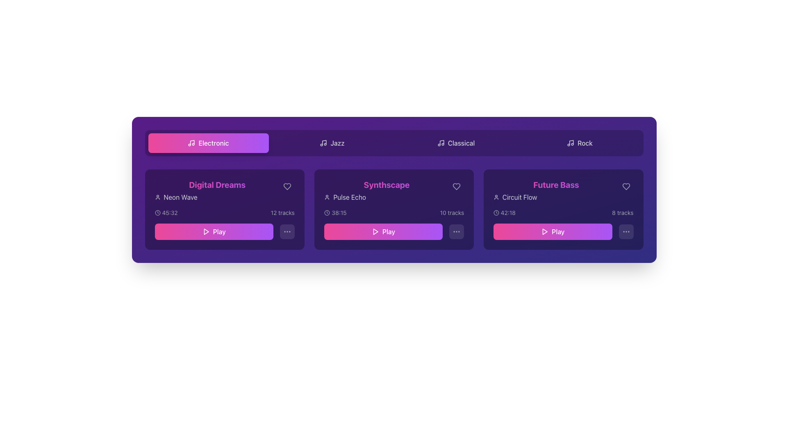 The width and height of the screenshot is (787, 443). I want to click on the play button located in the lower portion of the 'Synthscape' card, so click(394, 231).